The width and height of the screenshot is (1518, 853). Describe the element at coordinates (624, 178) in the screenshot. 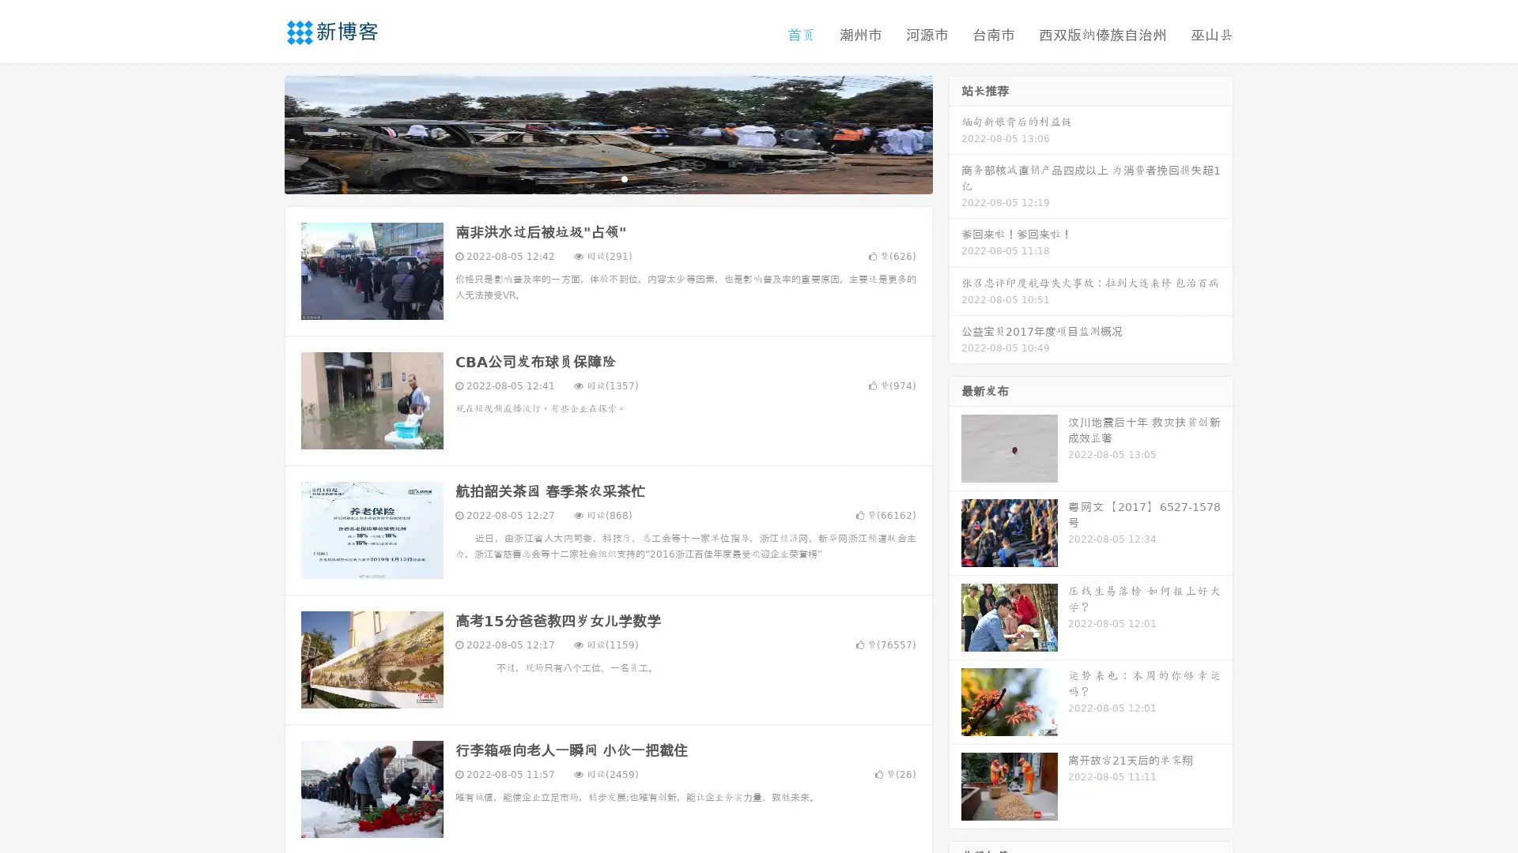

I see `Go to slide 3` at that location.